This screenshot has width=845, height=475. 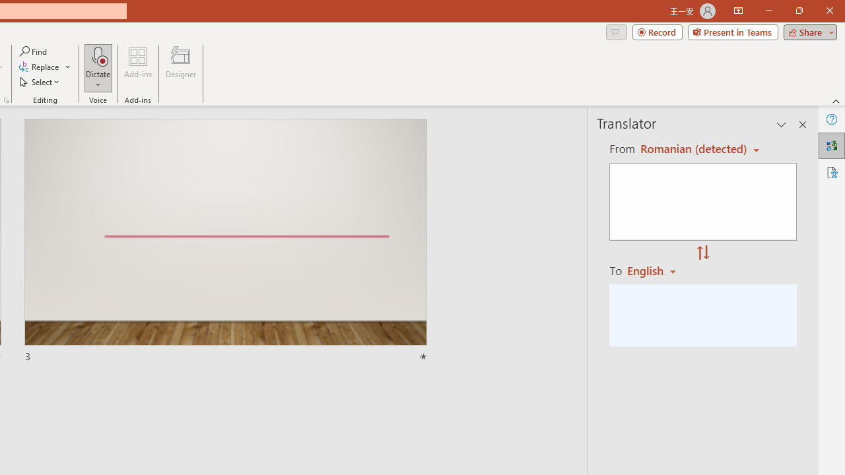 What do you see at coordinates (7, 99) in the screenshot?
I see `'Format Object...'` at bounding box center [7, 99].